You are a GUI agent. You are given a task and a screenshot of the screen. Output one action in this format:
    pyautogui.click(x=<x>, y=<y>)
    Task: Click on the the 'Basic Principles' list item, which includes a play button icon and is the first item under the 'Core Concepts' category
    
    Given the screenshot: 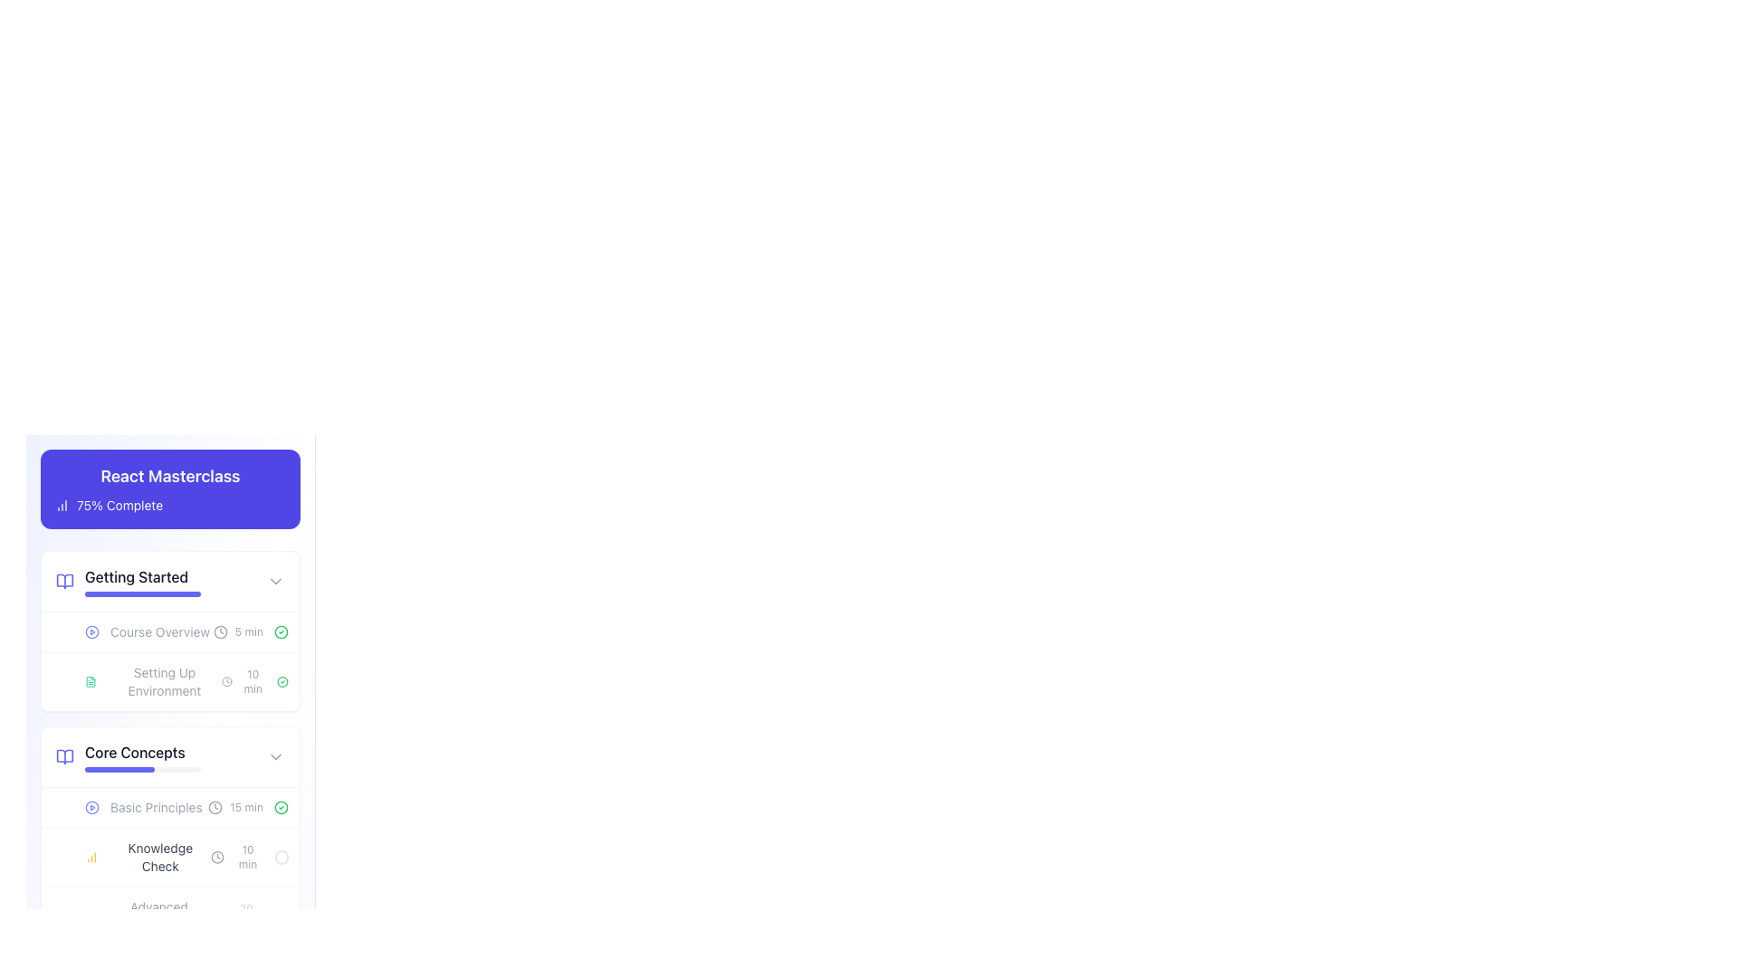 What is the action you would take?
    pyautogui.click(x=142, y=807)
    